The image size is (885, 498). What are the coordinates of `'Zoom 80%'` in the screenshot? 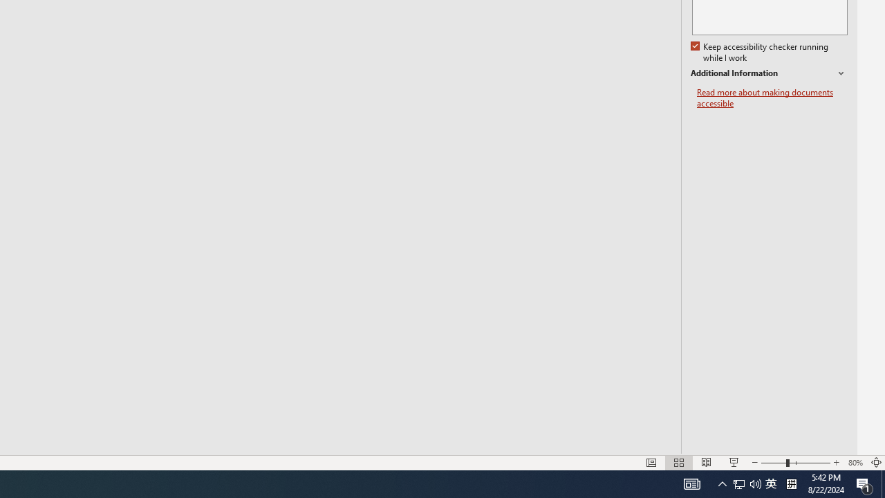 It's located at (855, 463).